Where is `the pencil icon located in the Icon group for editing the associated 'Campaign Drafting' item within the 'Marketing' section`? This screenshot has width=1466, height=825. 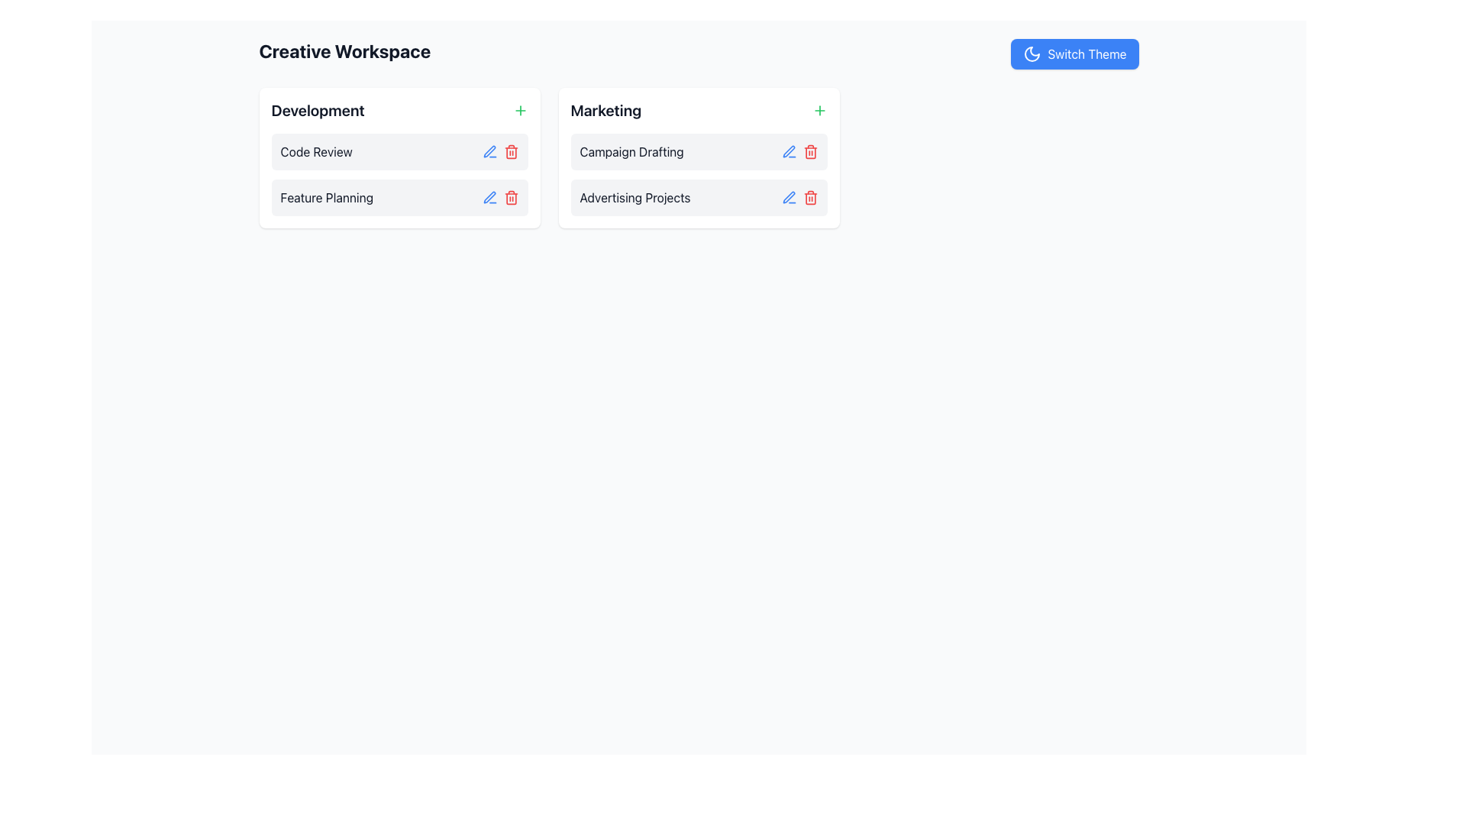
the pencil icon located in the Icon group for editing the associated 'Campaign Drafting' item within the 'Marketing' section is located at coordinates (799, 152).